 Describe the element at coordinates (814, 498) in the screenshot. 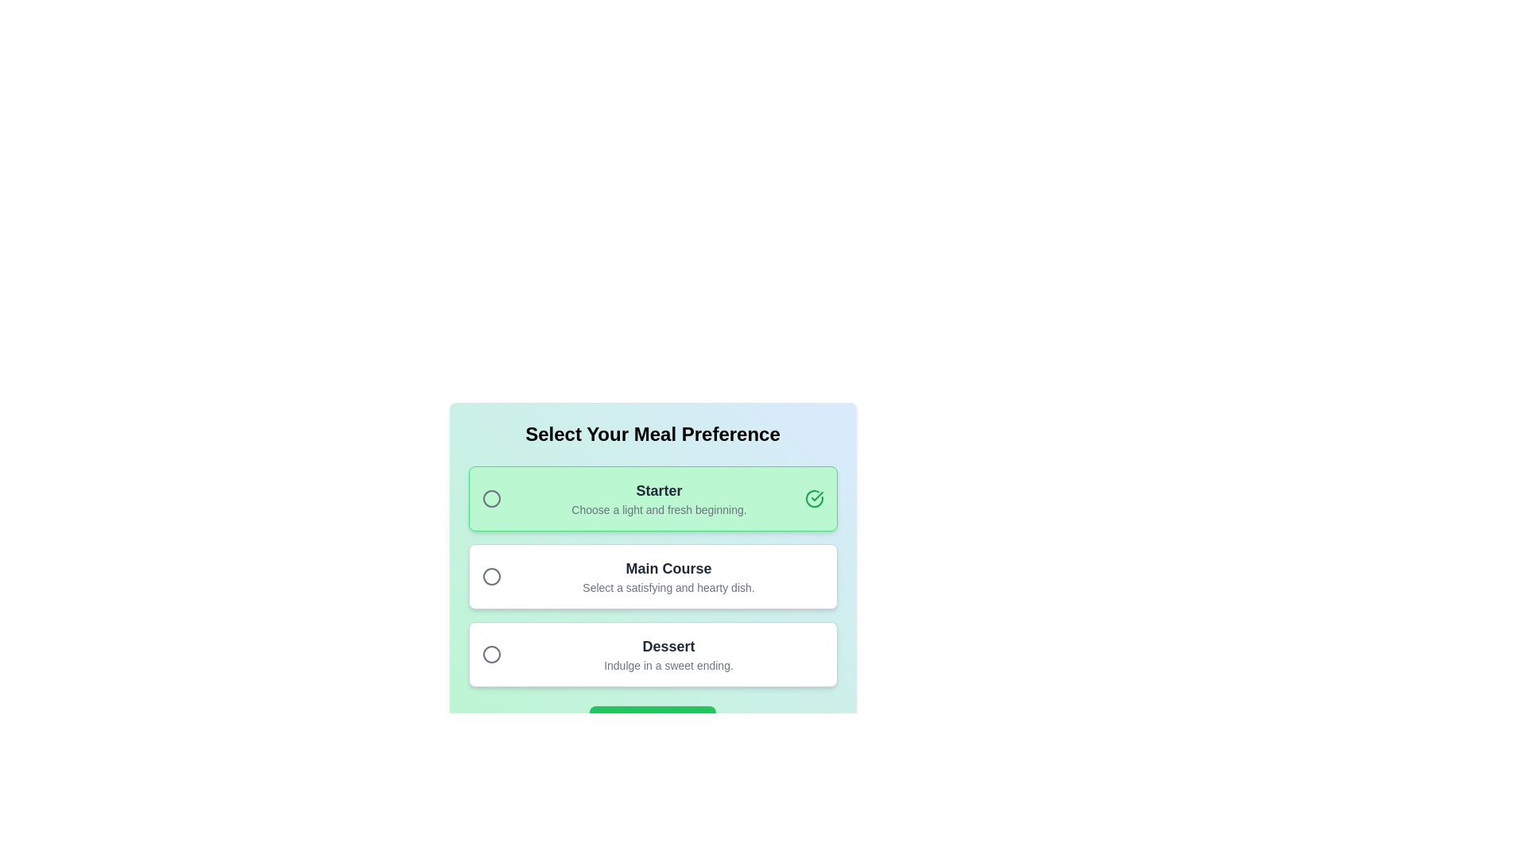

I see `curved green segment of the circular border that is part of the SVG icon next to the 'Starter' selection in the meal preference list` at that location.